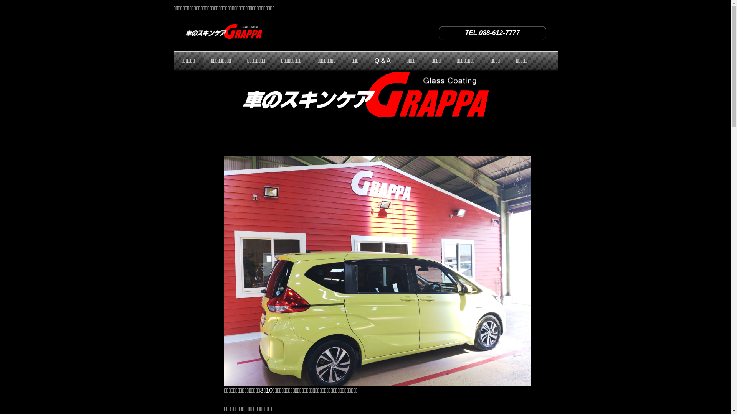 This screenshot has height=414, width=737. I want to click on 'Q & A', so click(383, 60).